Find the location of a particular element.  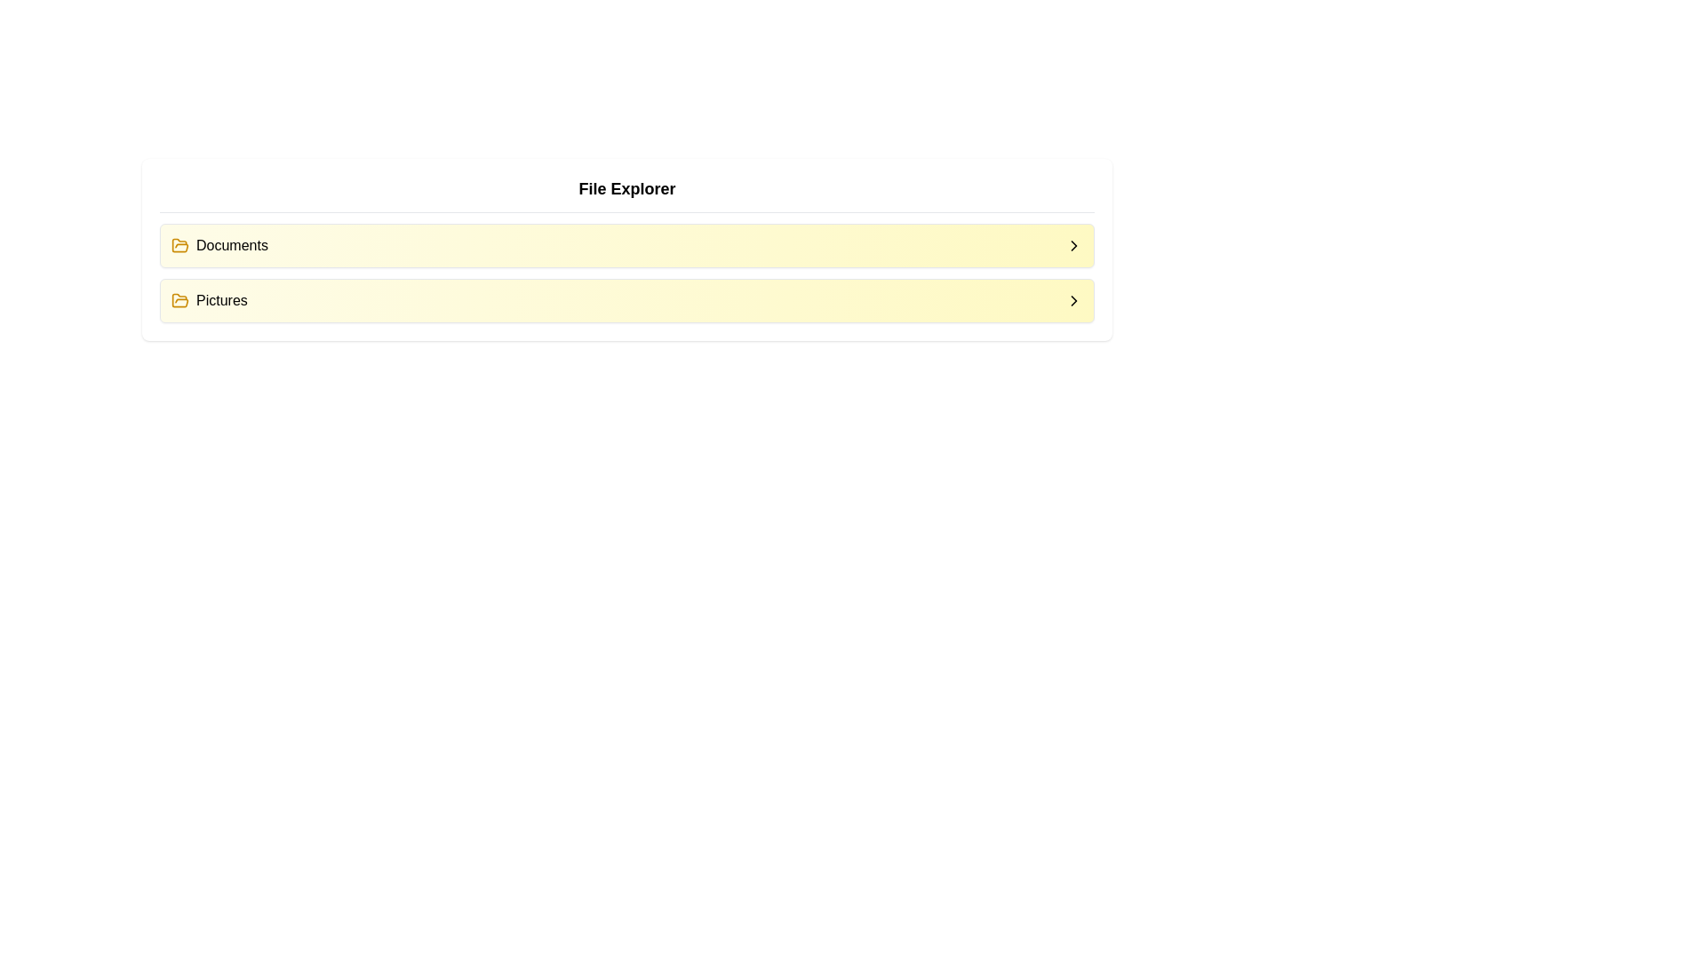

the second interactive list item labeled 'Pictures' in the File Explorer section is located at coordinates (626, 300).